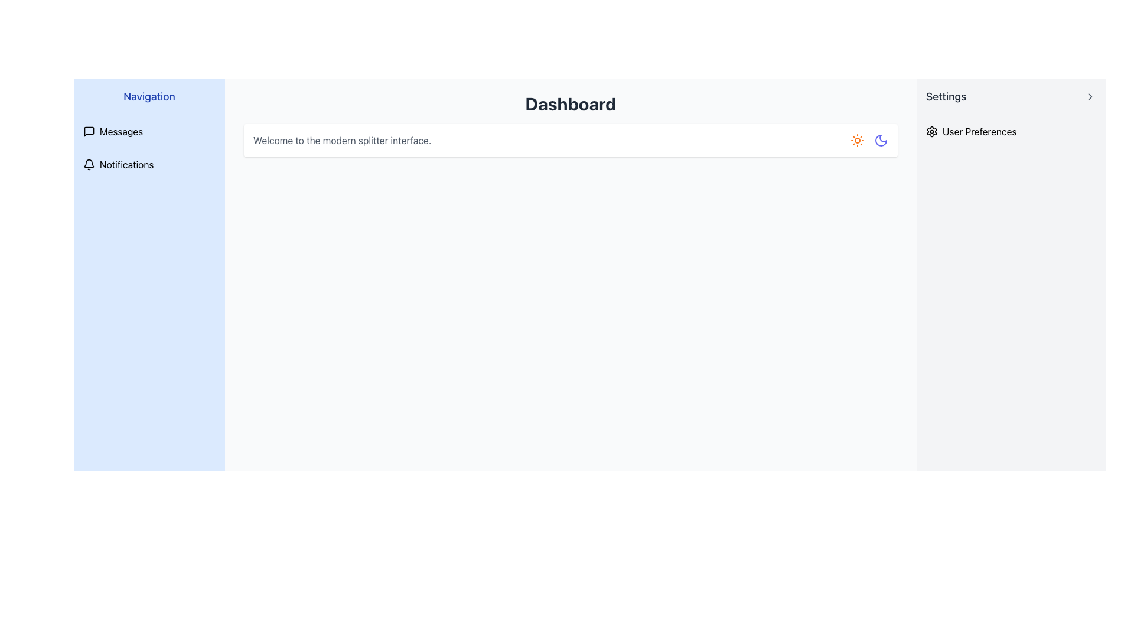 This screenshot has width=1134, height=638. What do you see at coordinates (1090, 96) in the screenshot?
I see `the right-facing chevron icon button located on the far right side of the 'Settings' header` at bounding box center [1090, 96].